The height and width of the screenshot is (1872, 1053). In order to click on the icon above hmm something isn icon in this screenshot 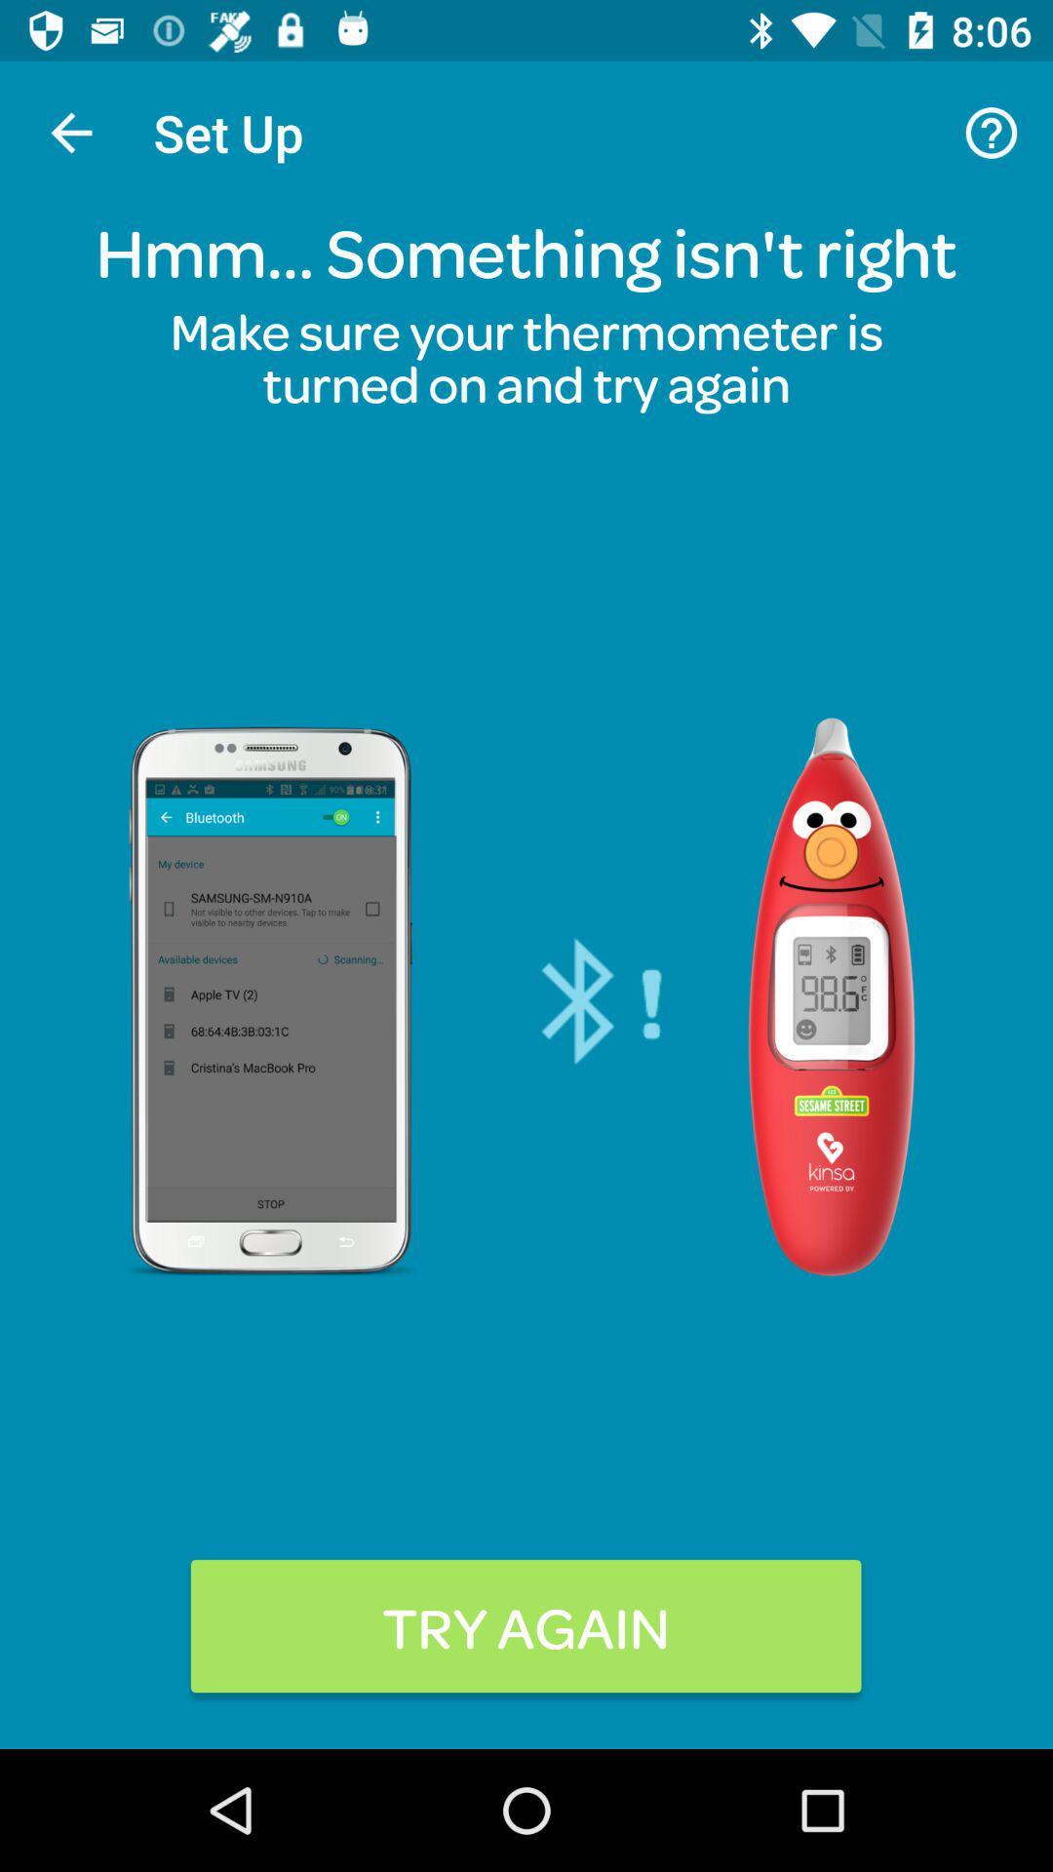, I will do `click(70, 132)`.